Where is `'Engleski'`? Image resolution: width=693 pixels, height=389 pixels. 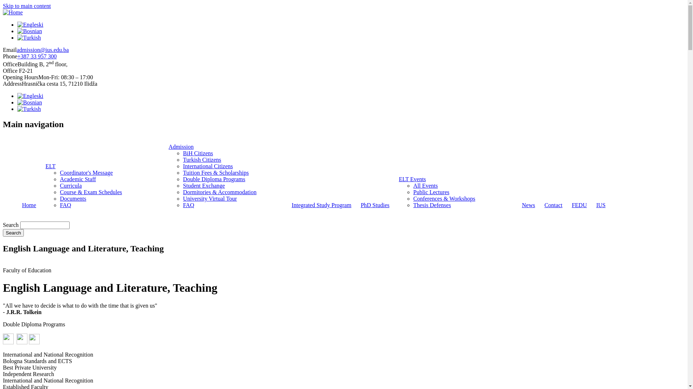 'Engleski' is located at coordinates (17, 95).